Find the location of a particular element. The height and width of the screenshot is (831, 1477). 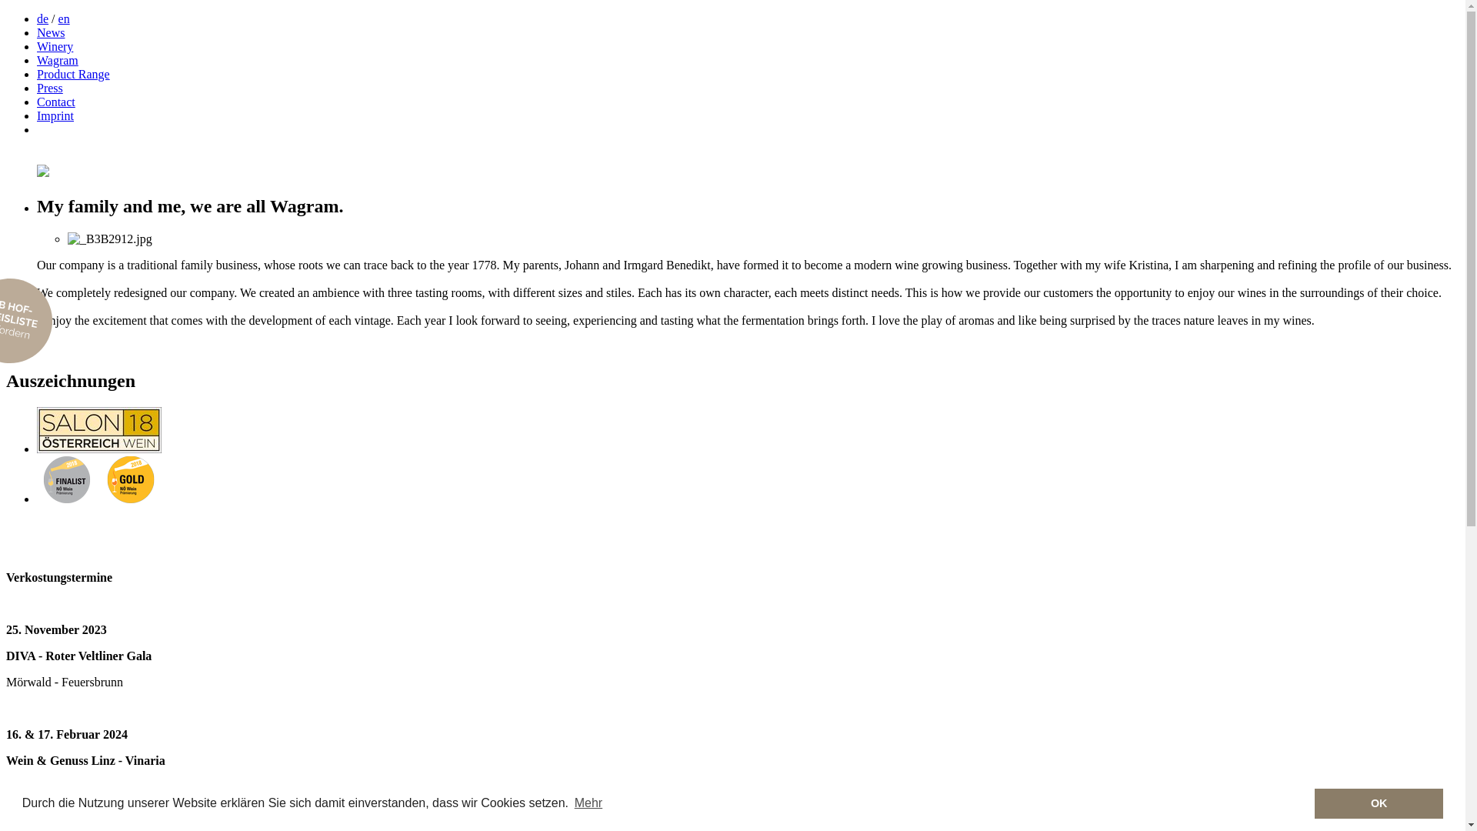

'en' is located at coordinates (58, 18).